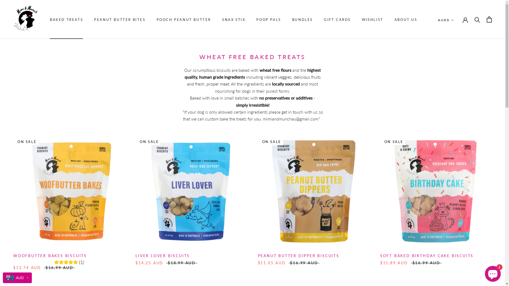 The height and width of the screenshot is (286, 509). Describe the element at coordinates (483, 272) in the screenshot. I see `'Shopify online store chat'` at that location.